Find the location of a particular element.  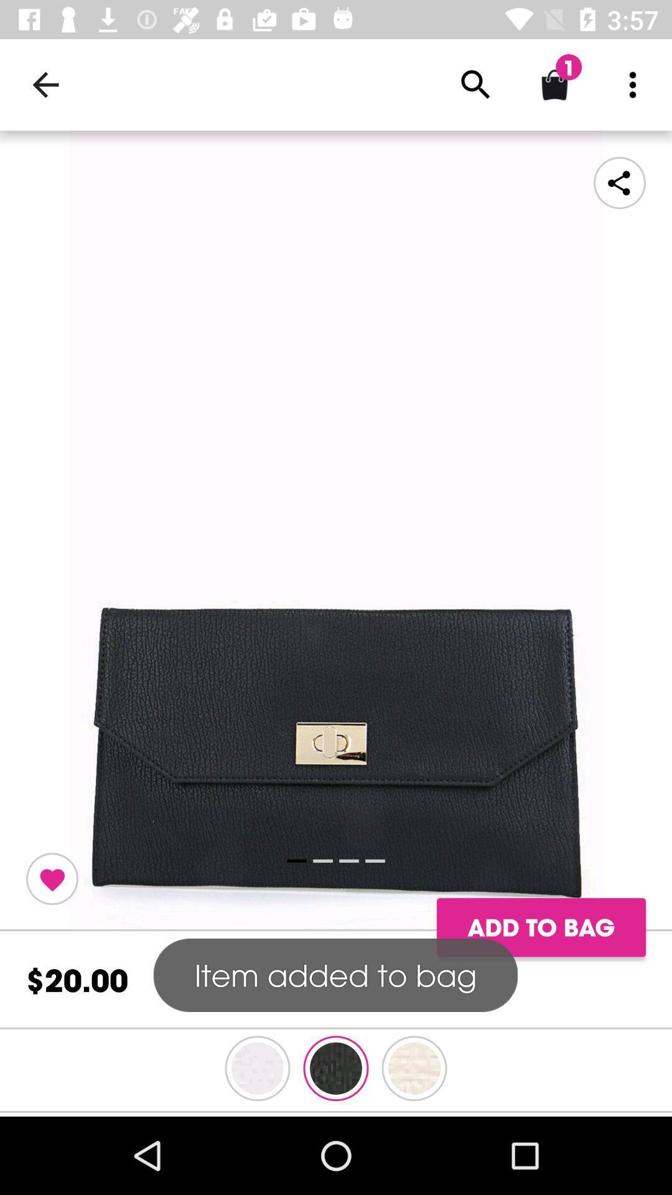

open bag is located at coordinates (336, 531).